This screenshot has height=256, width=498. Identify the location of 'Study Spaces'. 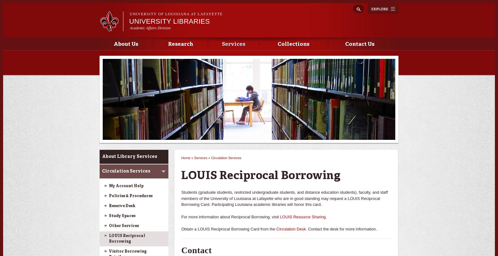
(122, 216).